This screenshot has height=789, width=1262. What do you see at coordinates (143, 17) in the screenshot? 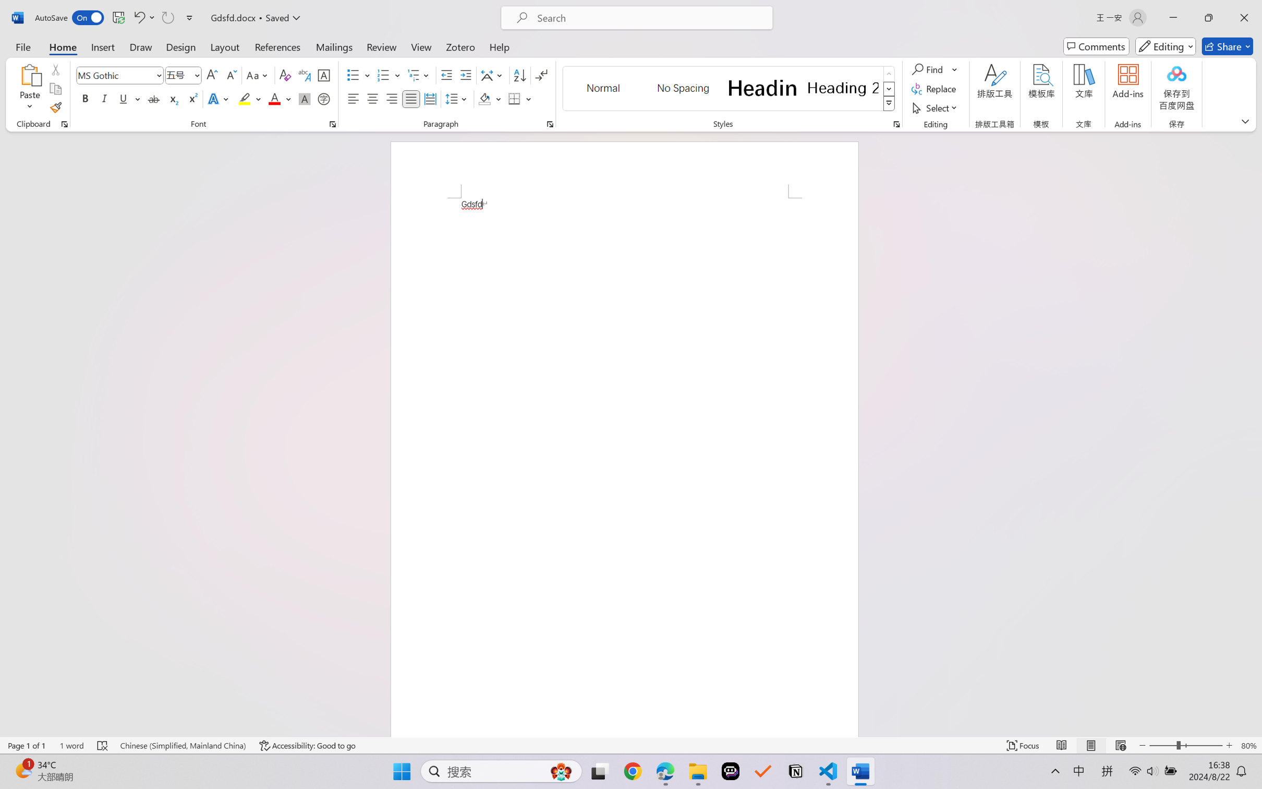
I see `'Undo Font Formatting'` at bounding box center [143, 17].